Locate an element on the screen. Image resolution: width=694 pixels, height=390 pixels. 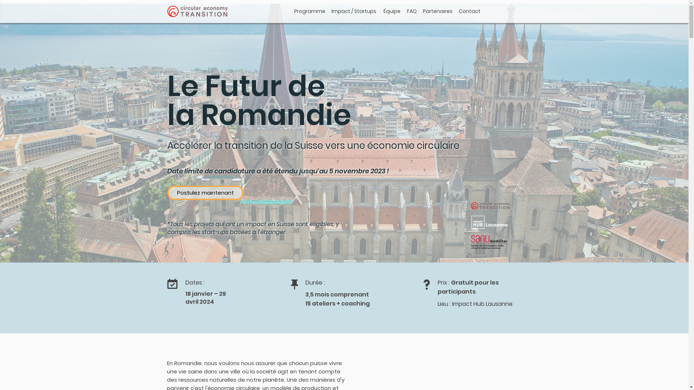
'Impact / Startups' is located at coordinates (354, 11).